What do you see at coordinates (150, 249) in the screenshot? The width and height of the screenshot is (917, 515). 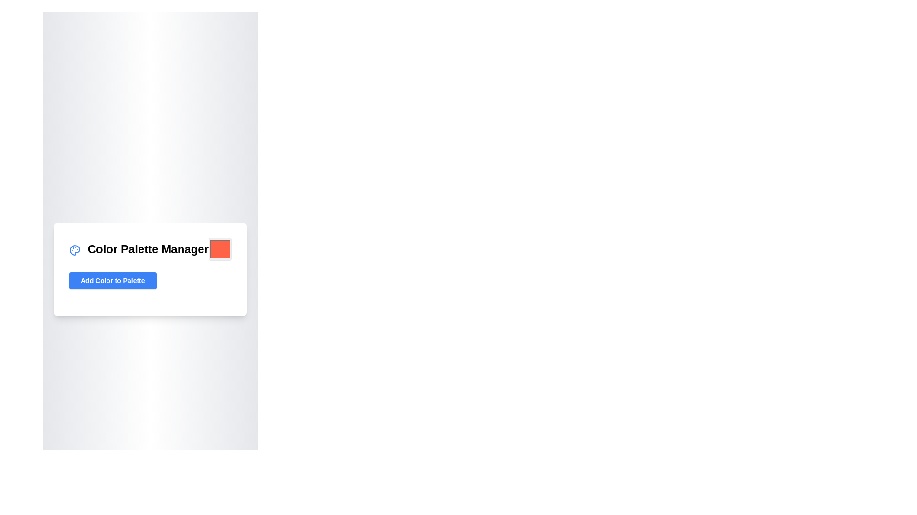 I see `the heading element displaying 'Color Palette Manager', which is located at the top of the white card widget, adjacent to a blue palette-like icon` at bounding box center [150, 249].